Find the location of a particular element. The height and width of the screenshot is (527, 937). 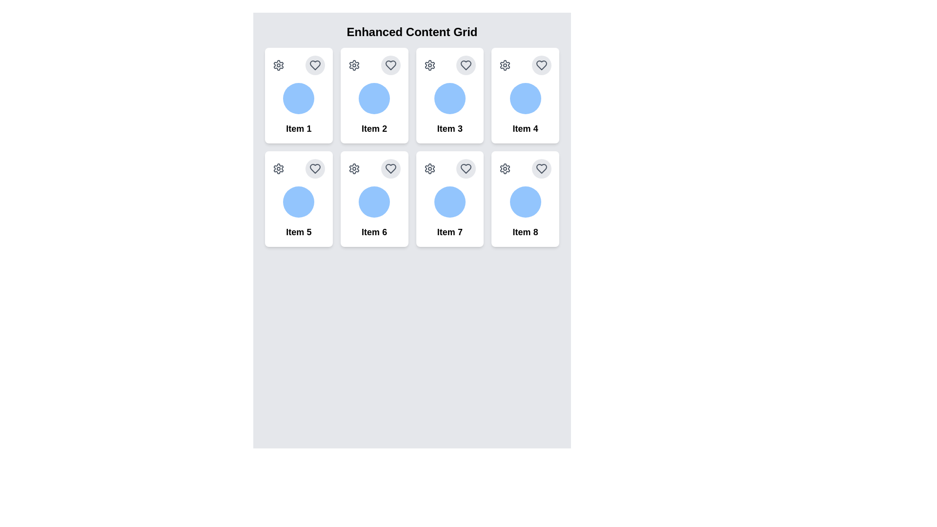

the settings icon button, which resembles a gear symbol, located at the top-left position of the 'Item 3' contextual card is located at coordinates (429, 65).